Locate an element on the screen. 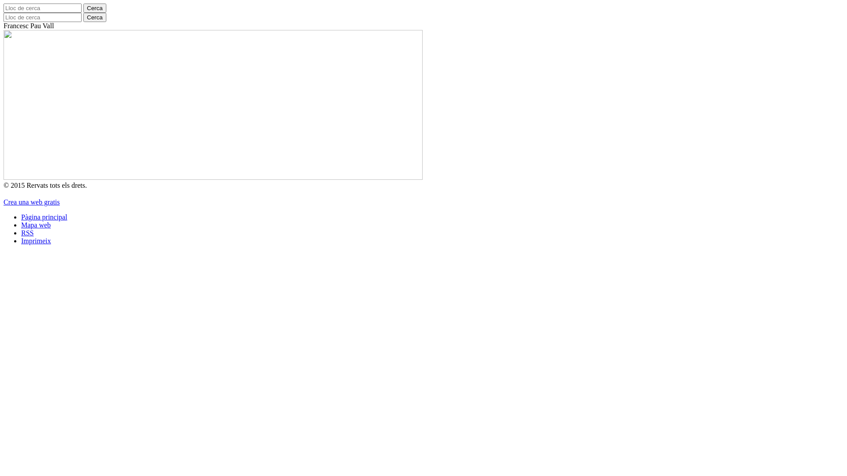 The width and height of the screenshot is (847, 476). 'Cerca' is located at coordinates (95, 8).